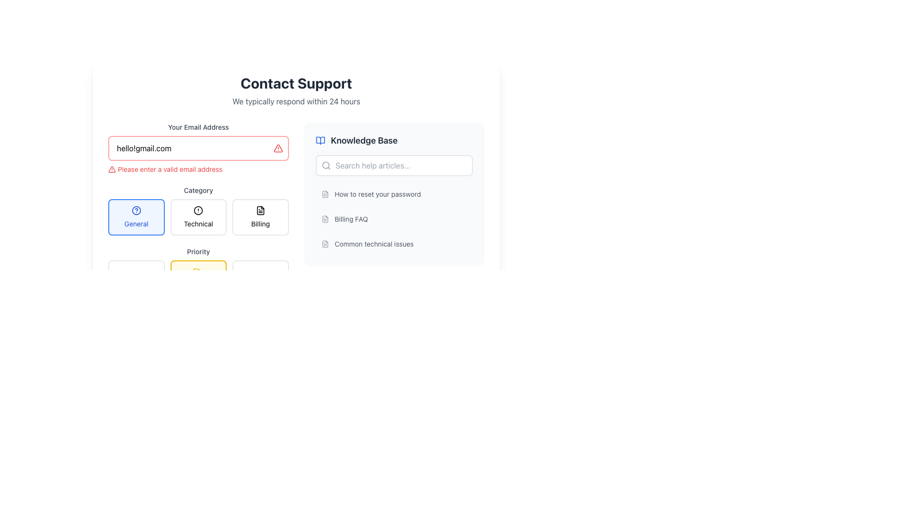 Image resolution: width=920 pixels, height=517 pixels. What do you see at coordinates (198, 210) in the screenshot?
I see `the surrounding button area of the warning icon circular element located within the 'Technical' category button in the 'Category' section` at bounding box center [198, 210].